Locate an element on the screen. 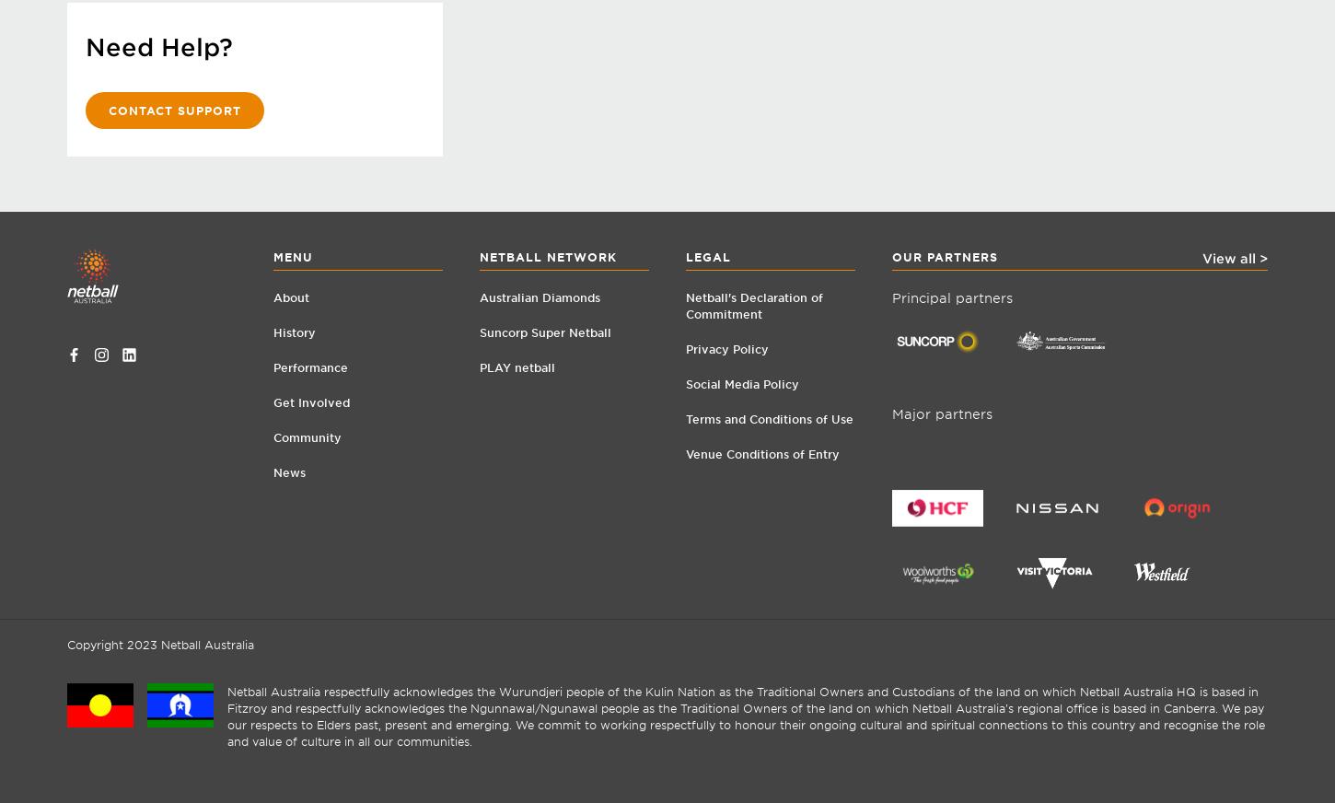 Image resolution: width=1335 pixels, height=803 pixels. 'Legal' is located at coordinates (708, 254).